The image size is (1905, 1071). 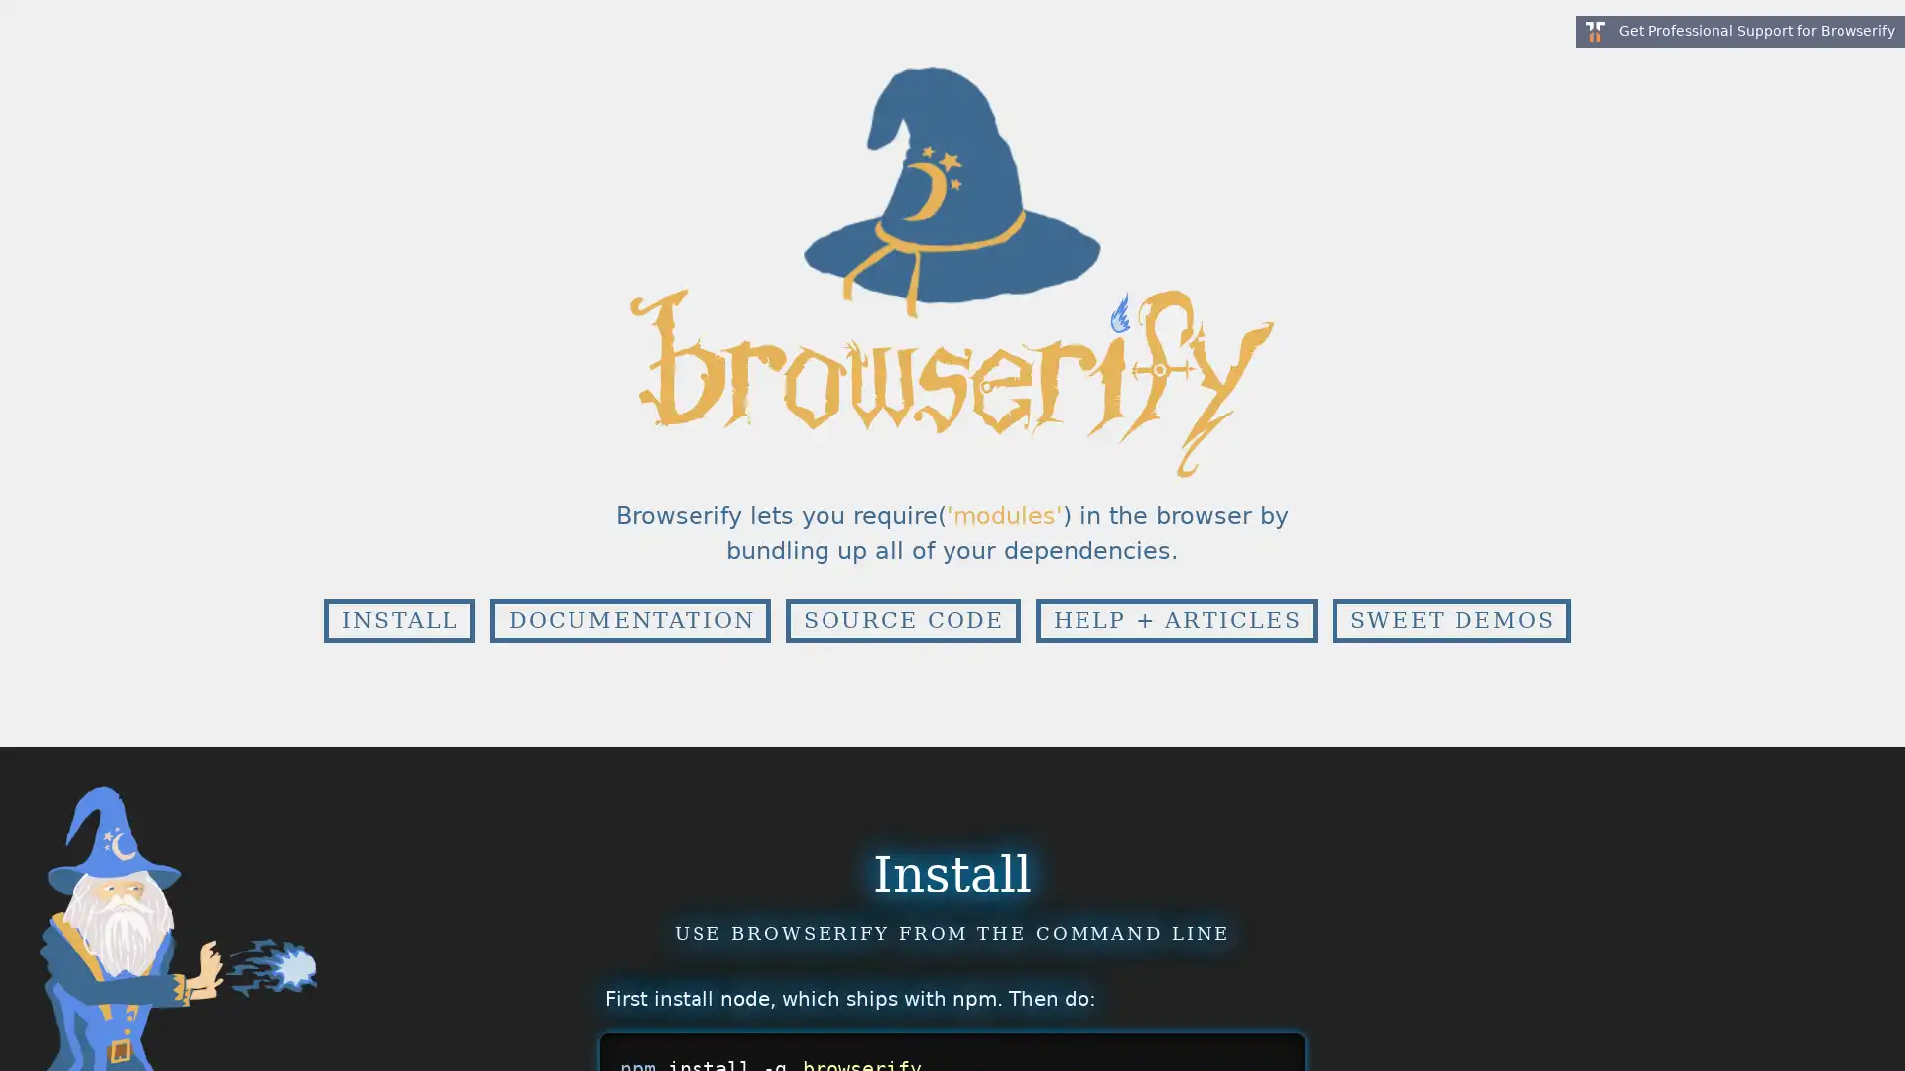 What do you see at coordinates (1176, 619) in the screenshot?
I see `HELP + ARTICLES` at bounding box center [1176, 619].